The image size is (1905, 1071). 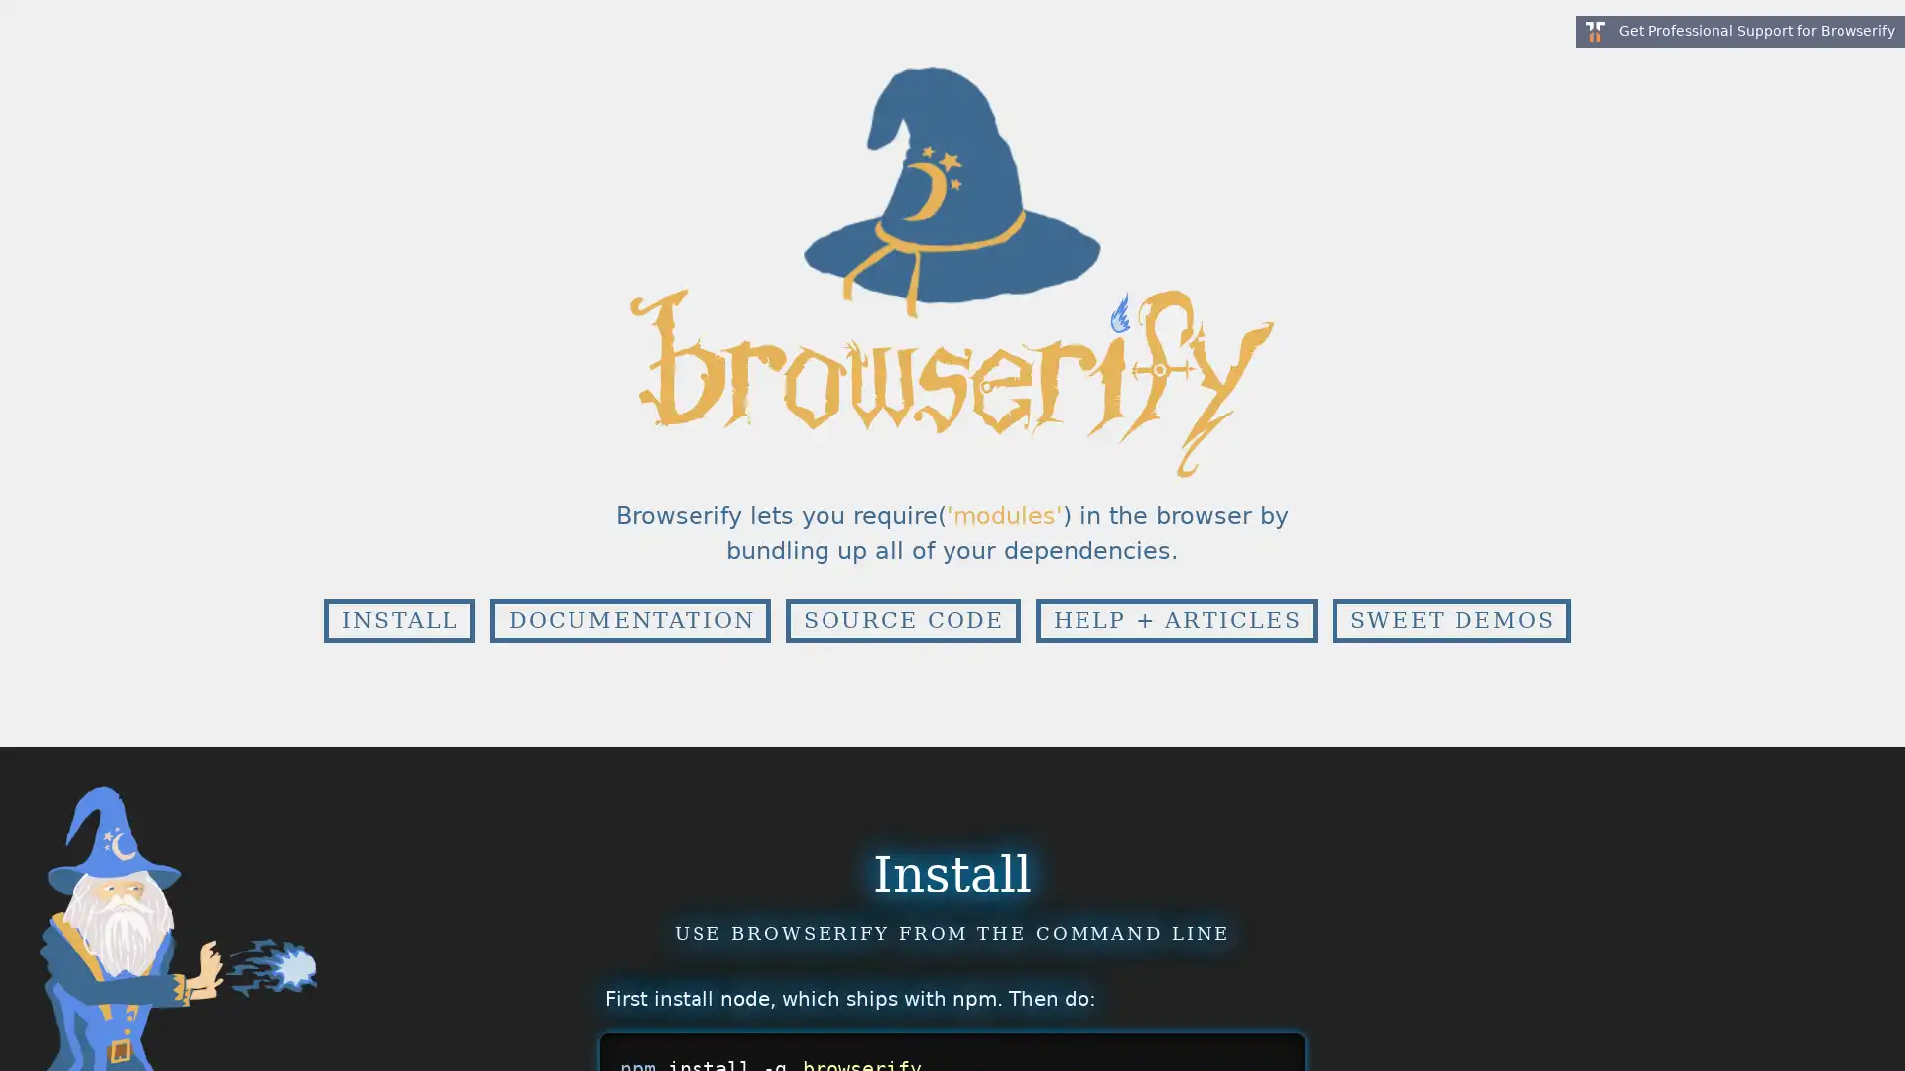 What do you see at coordinates (1176, 619) in the screenshot?
I see `HELP + ARTICLES` at bounding box center [1176, 619].